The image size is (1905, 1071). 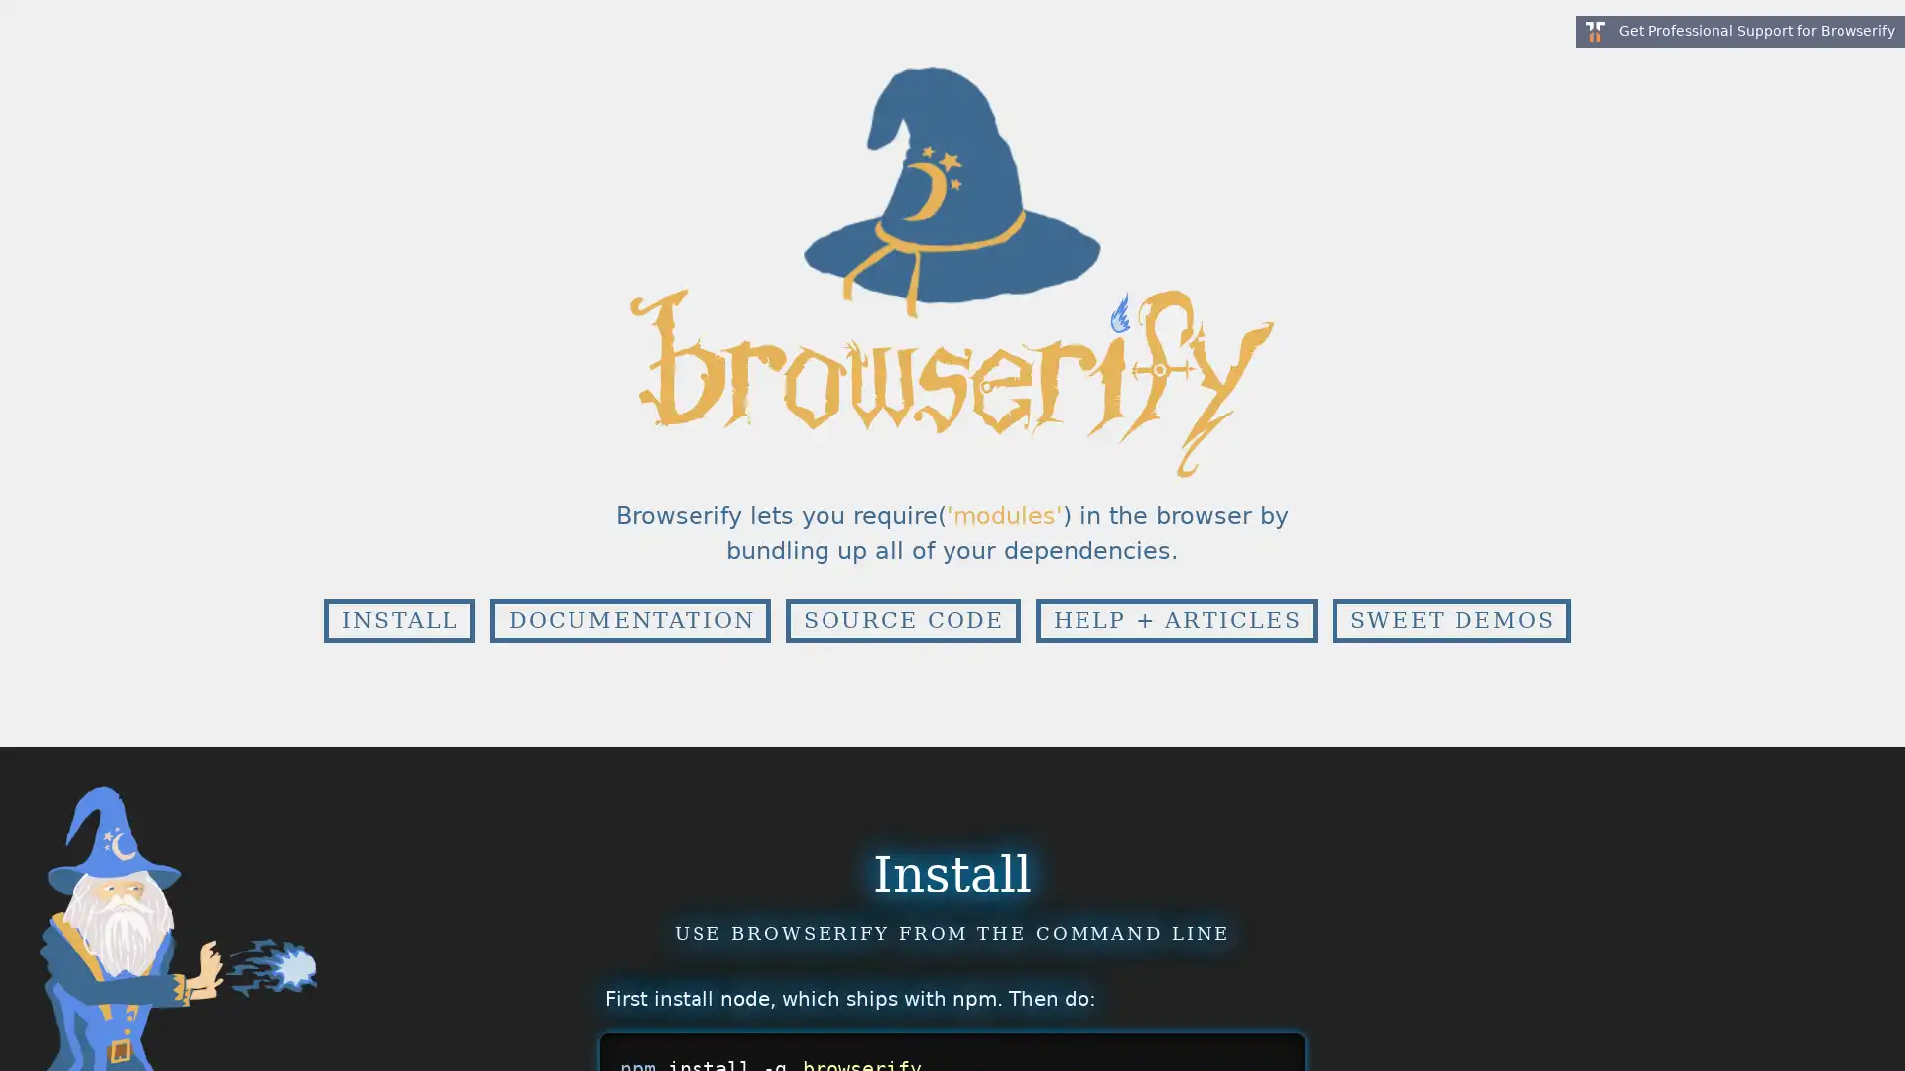 What do you see at coordinates (1176, 619) in the screenshot?
I see `HELP + ARTICLES` at bounding box center [1176, 619].